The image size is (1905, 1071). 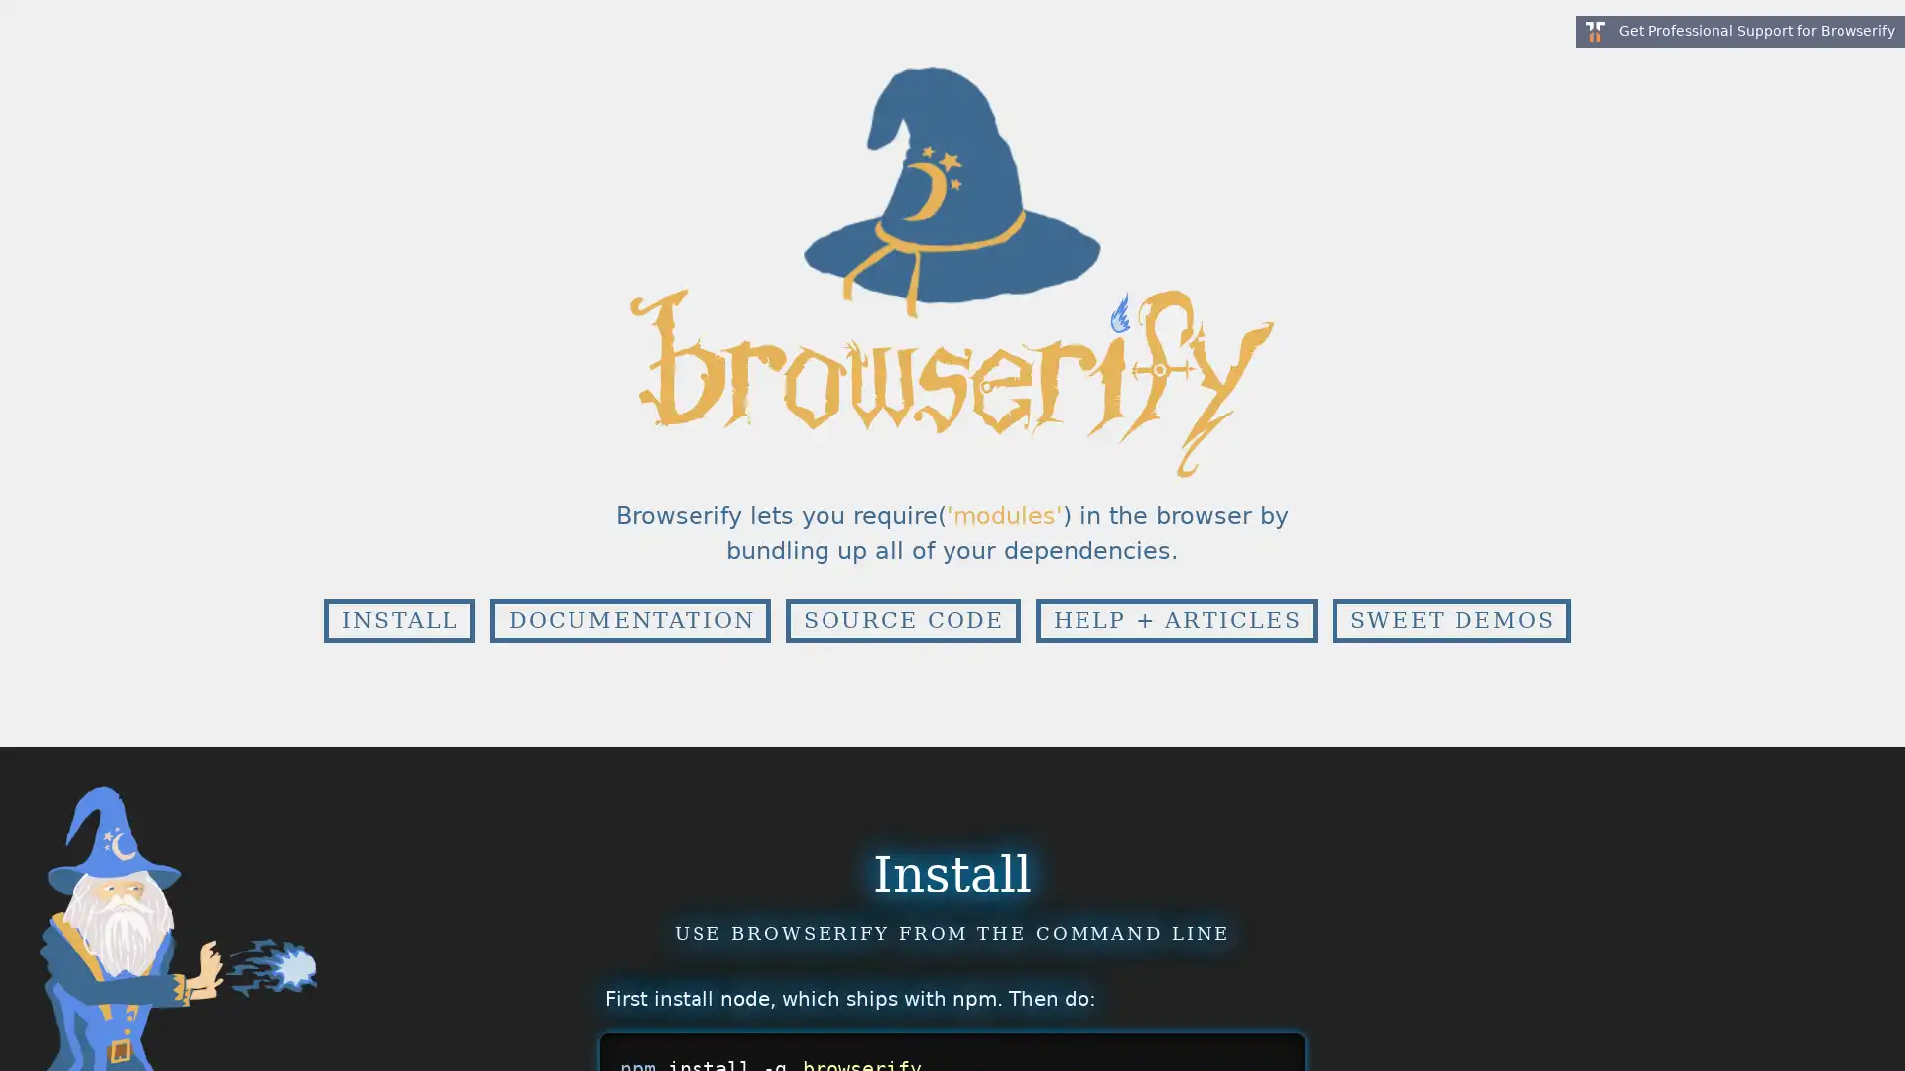 What do you see at coordinates (1176, 619) in the screenshot?
I see `HELP + ARTICLES` at bounding box center [1176, 619].